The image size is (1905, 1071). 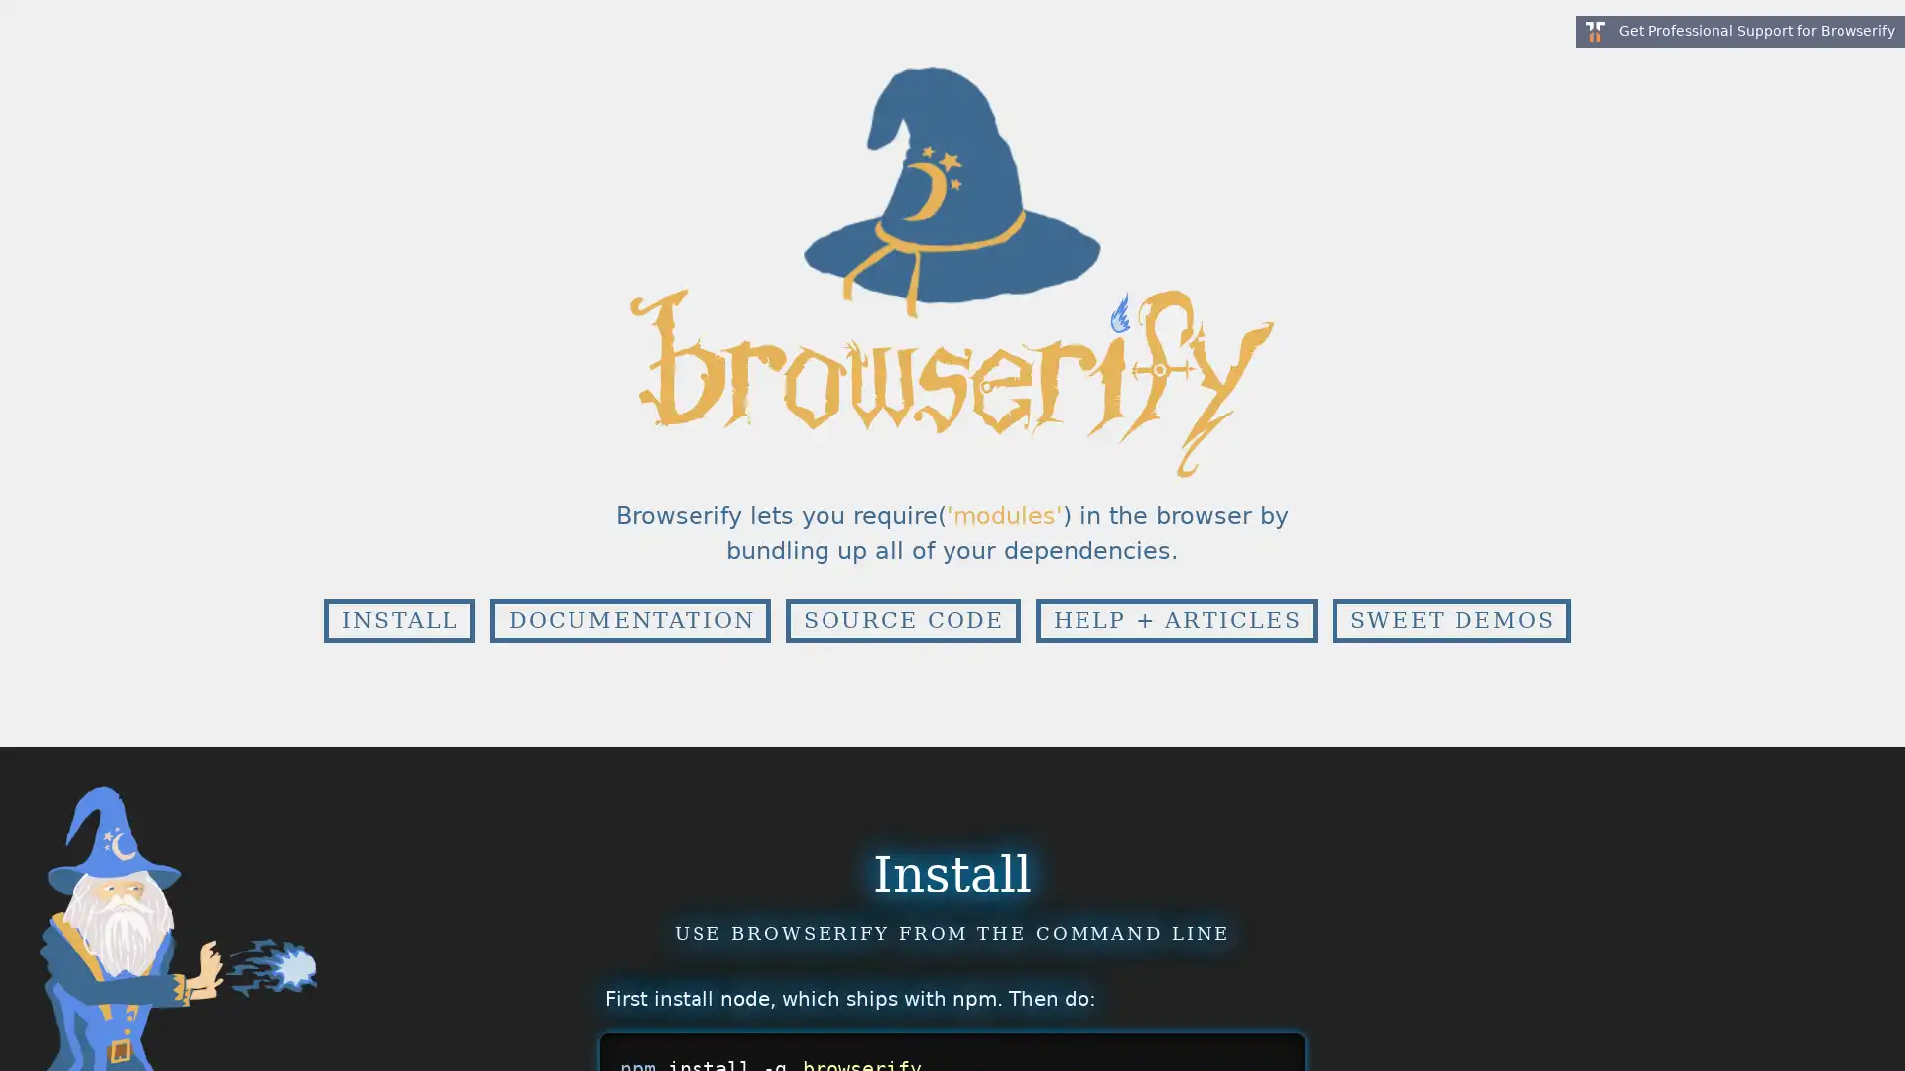 What do you see at coordinates (1176, 619) in the screenshot?
I see `HELP + ARTICLES` at bounding box center [1176, 619].